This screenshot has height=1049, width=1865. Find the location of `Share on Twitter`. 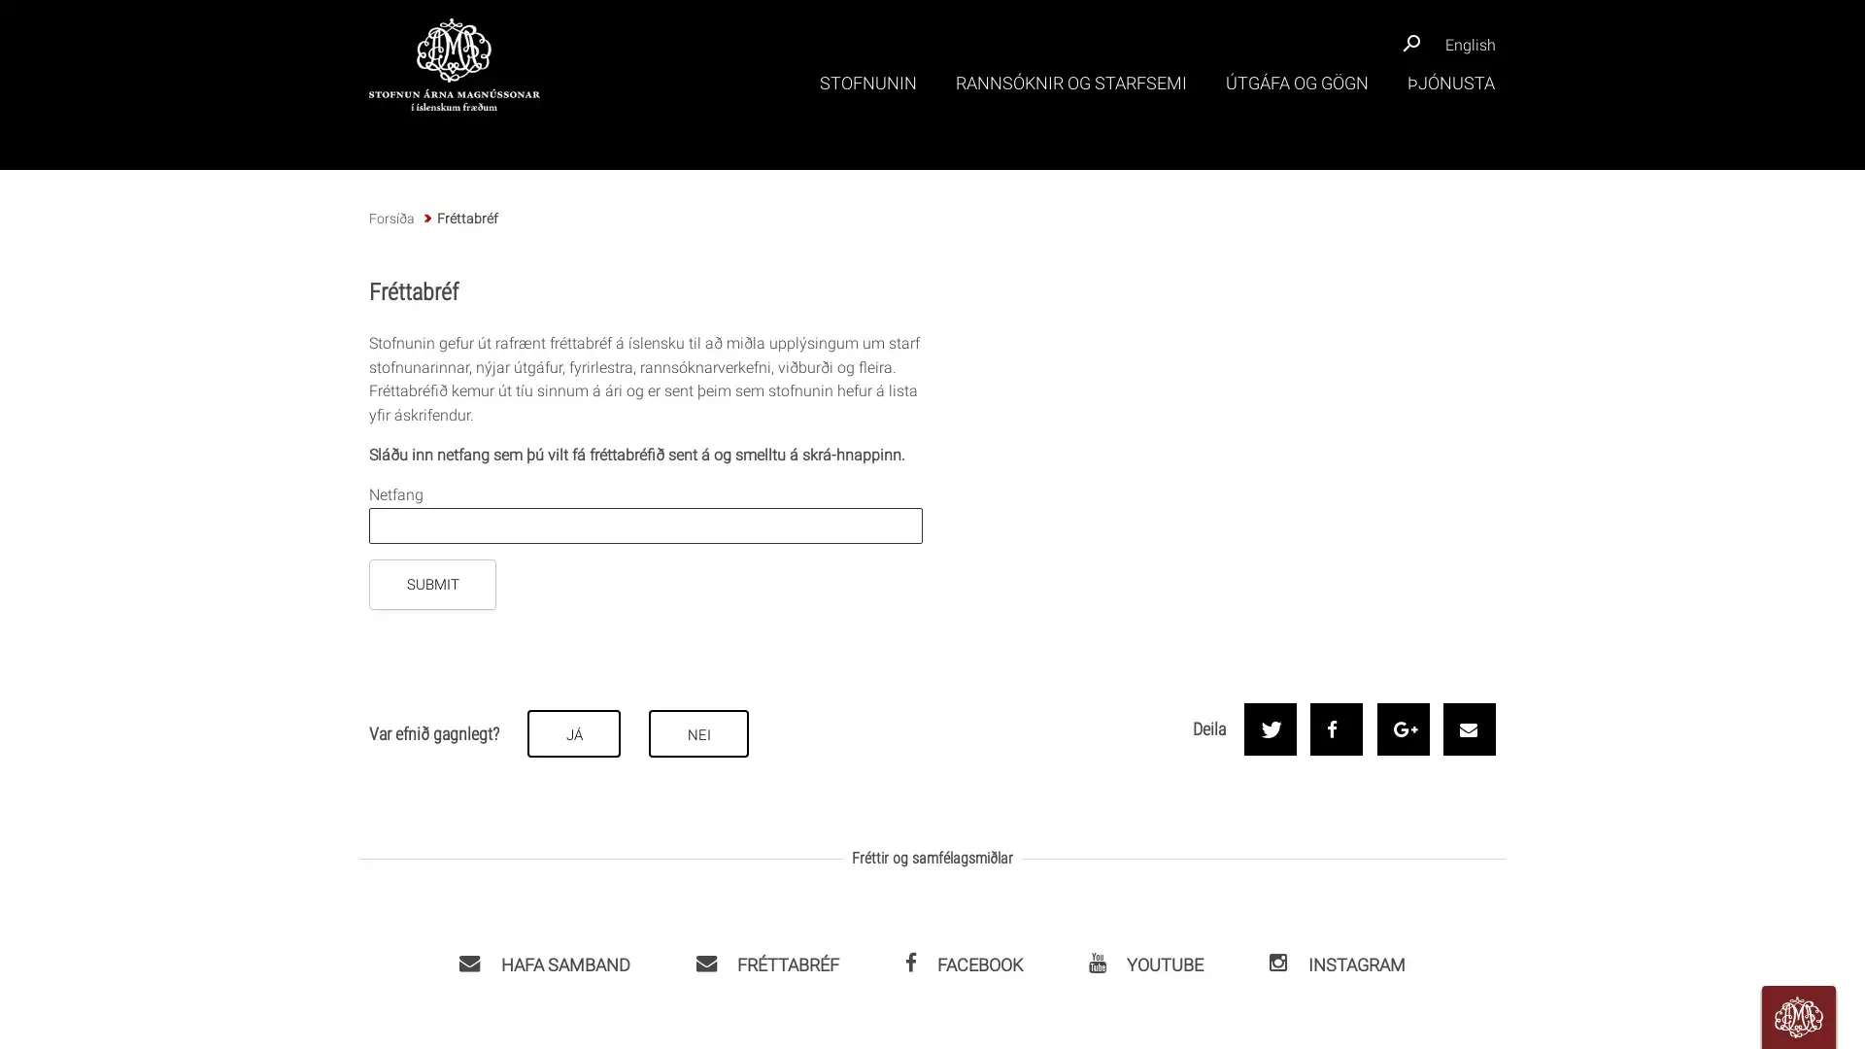

Share on Twitter is located at coordinates (1269, 728).